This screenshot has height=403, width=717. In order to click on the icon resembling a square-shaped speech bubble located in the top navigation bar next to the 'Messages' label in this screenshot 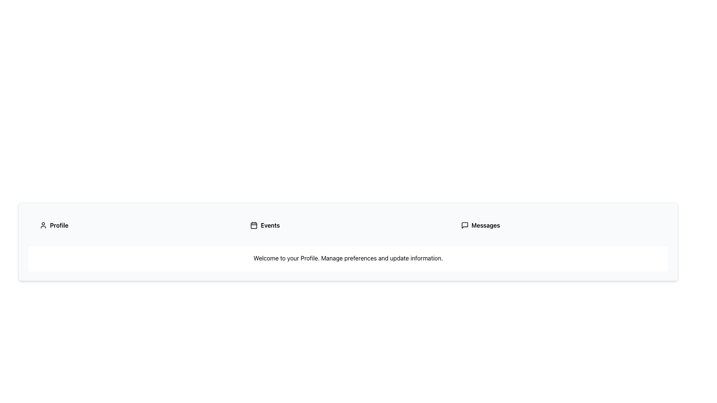, I will do `click(464, 225)`.